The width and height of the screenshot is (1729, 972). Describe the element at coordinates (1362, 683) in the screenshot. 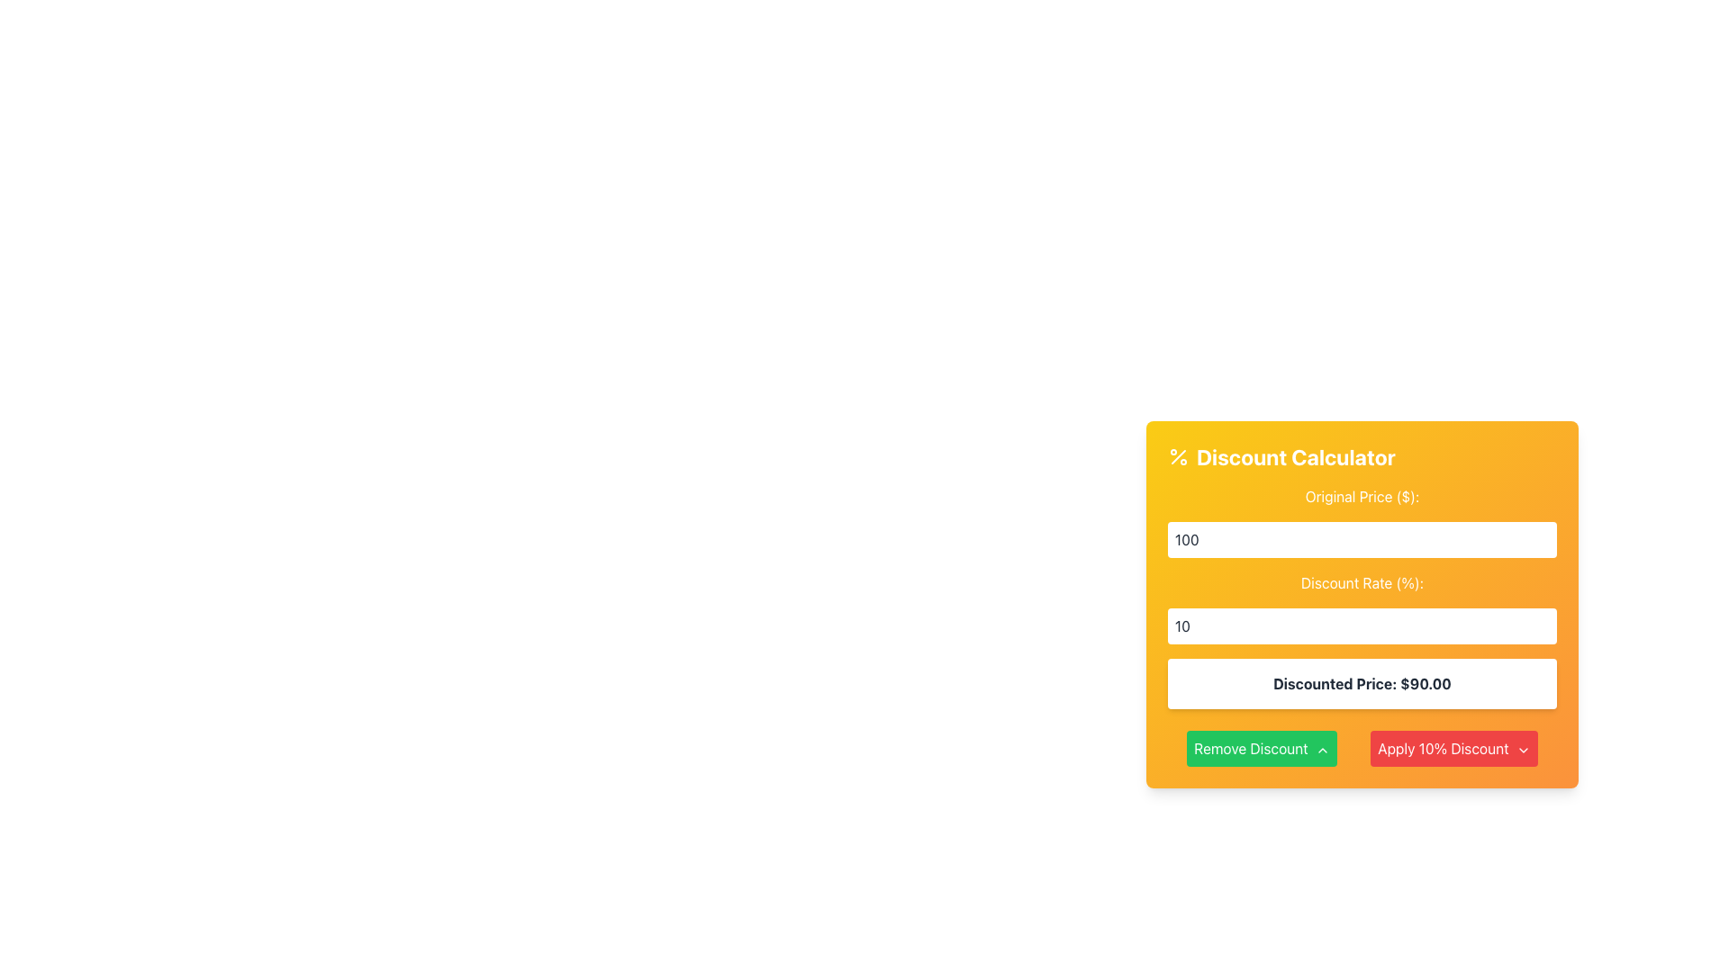

I see `displayed discounted price from the static text element showing 'Discounted Price: $90.00' located in the 'Discount Calculator' section` at that location.